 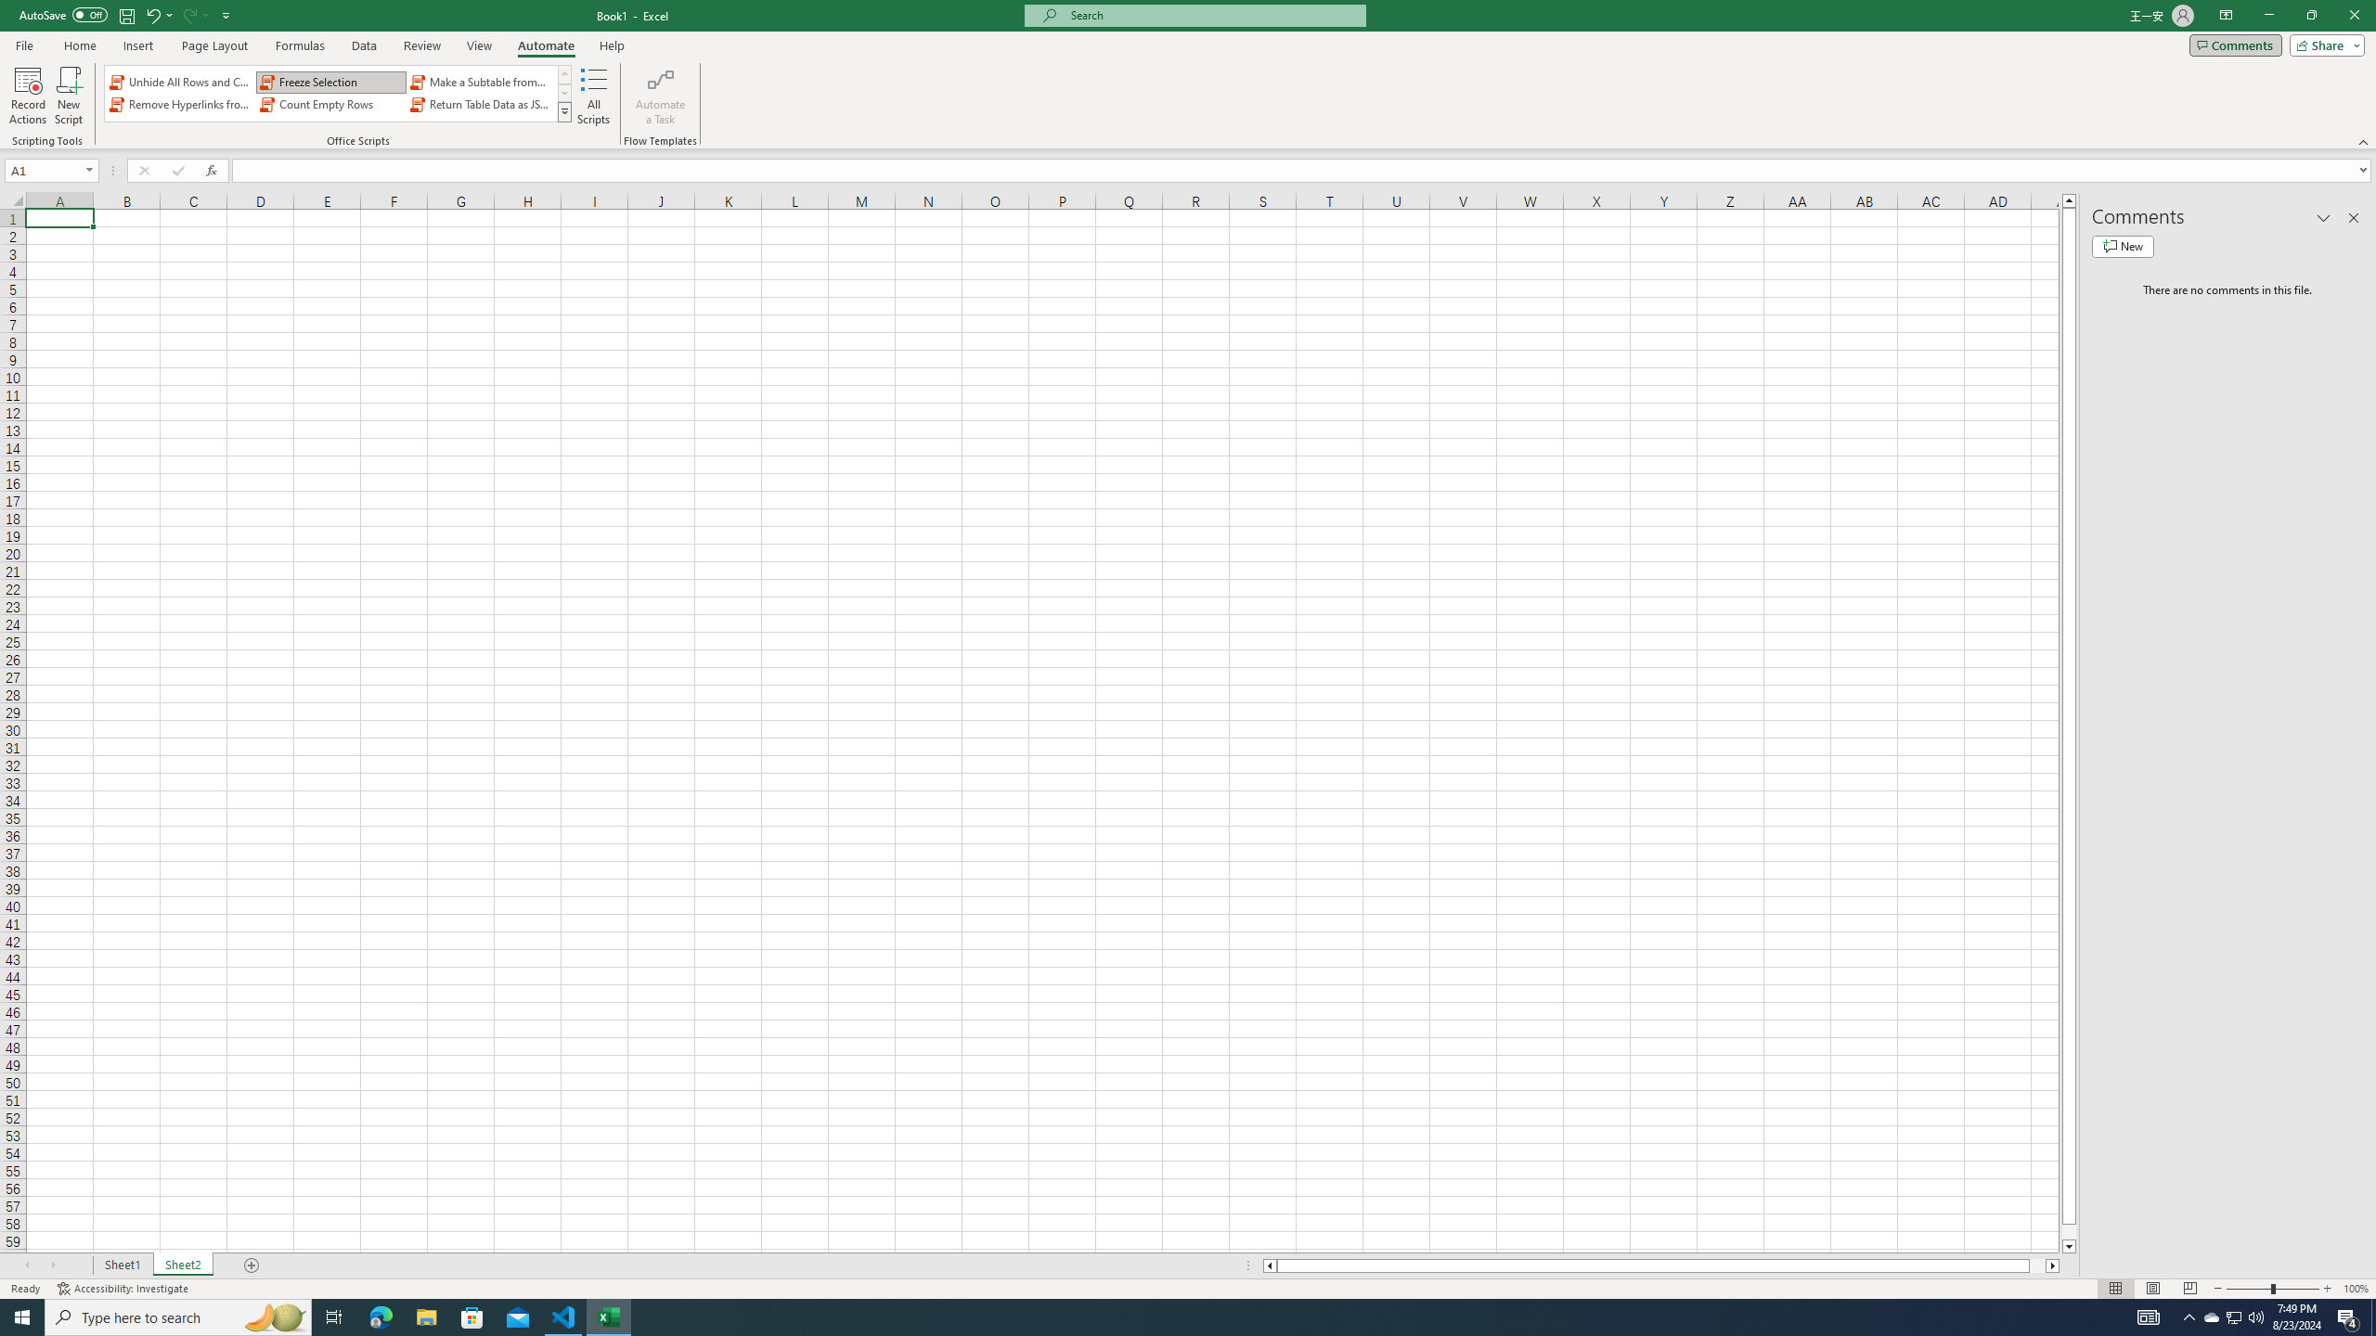 What do you see at coordinates (480, 82) in the screenshot?
I see `'Make a Subtable from a Selection'` at bounding box center [480, 82].